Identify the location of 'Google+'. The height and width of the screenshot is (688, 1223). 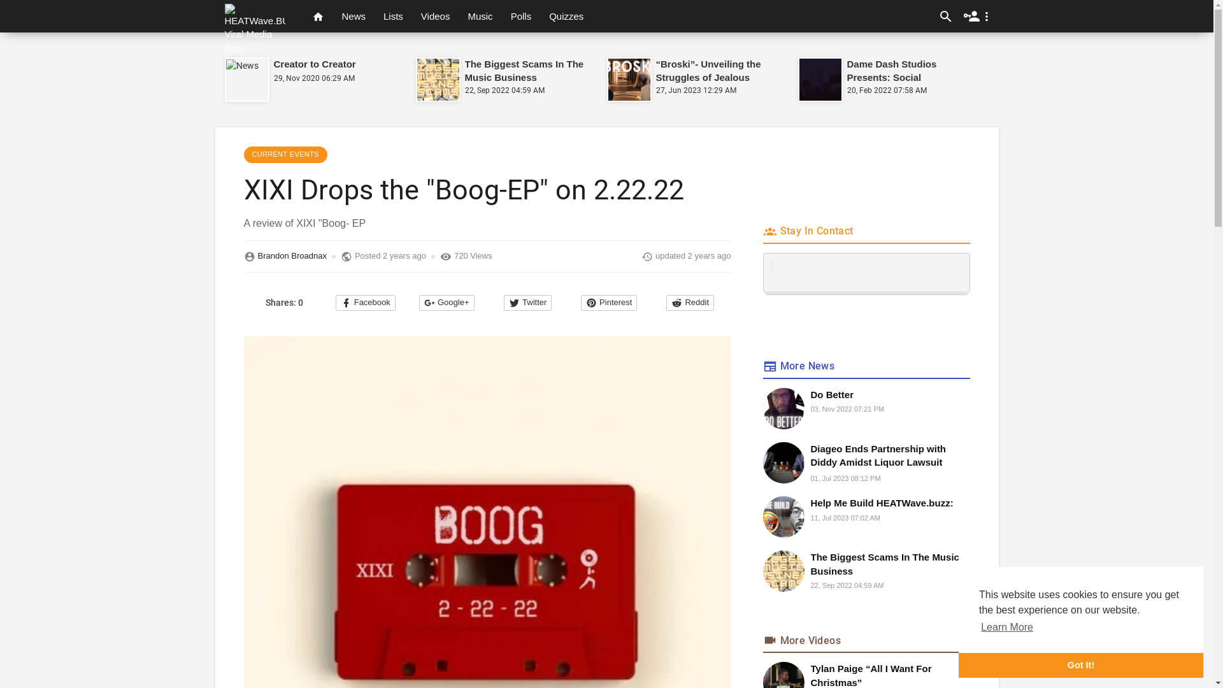
(447, 303).